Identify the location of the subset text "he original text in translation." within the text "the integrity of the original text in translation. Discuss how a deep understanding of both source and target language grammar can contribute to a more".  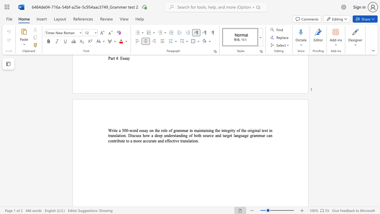
(242, 130).